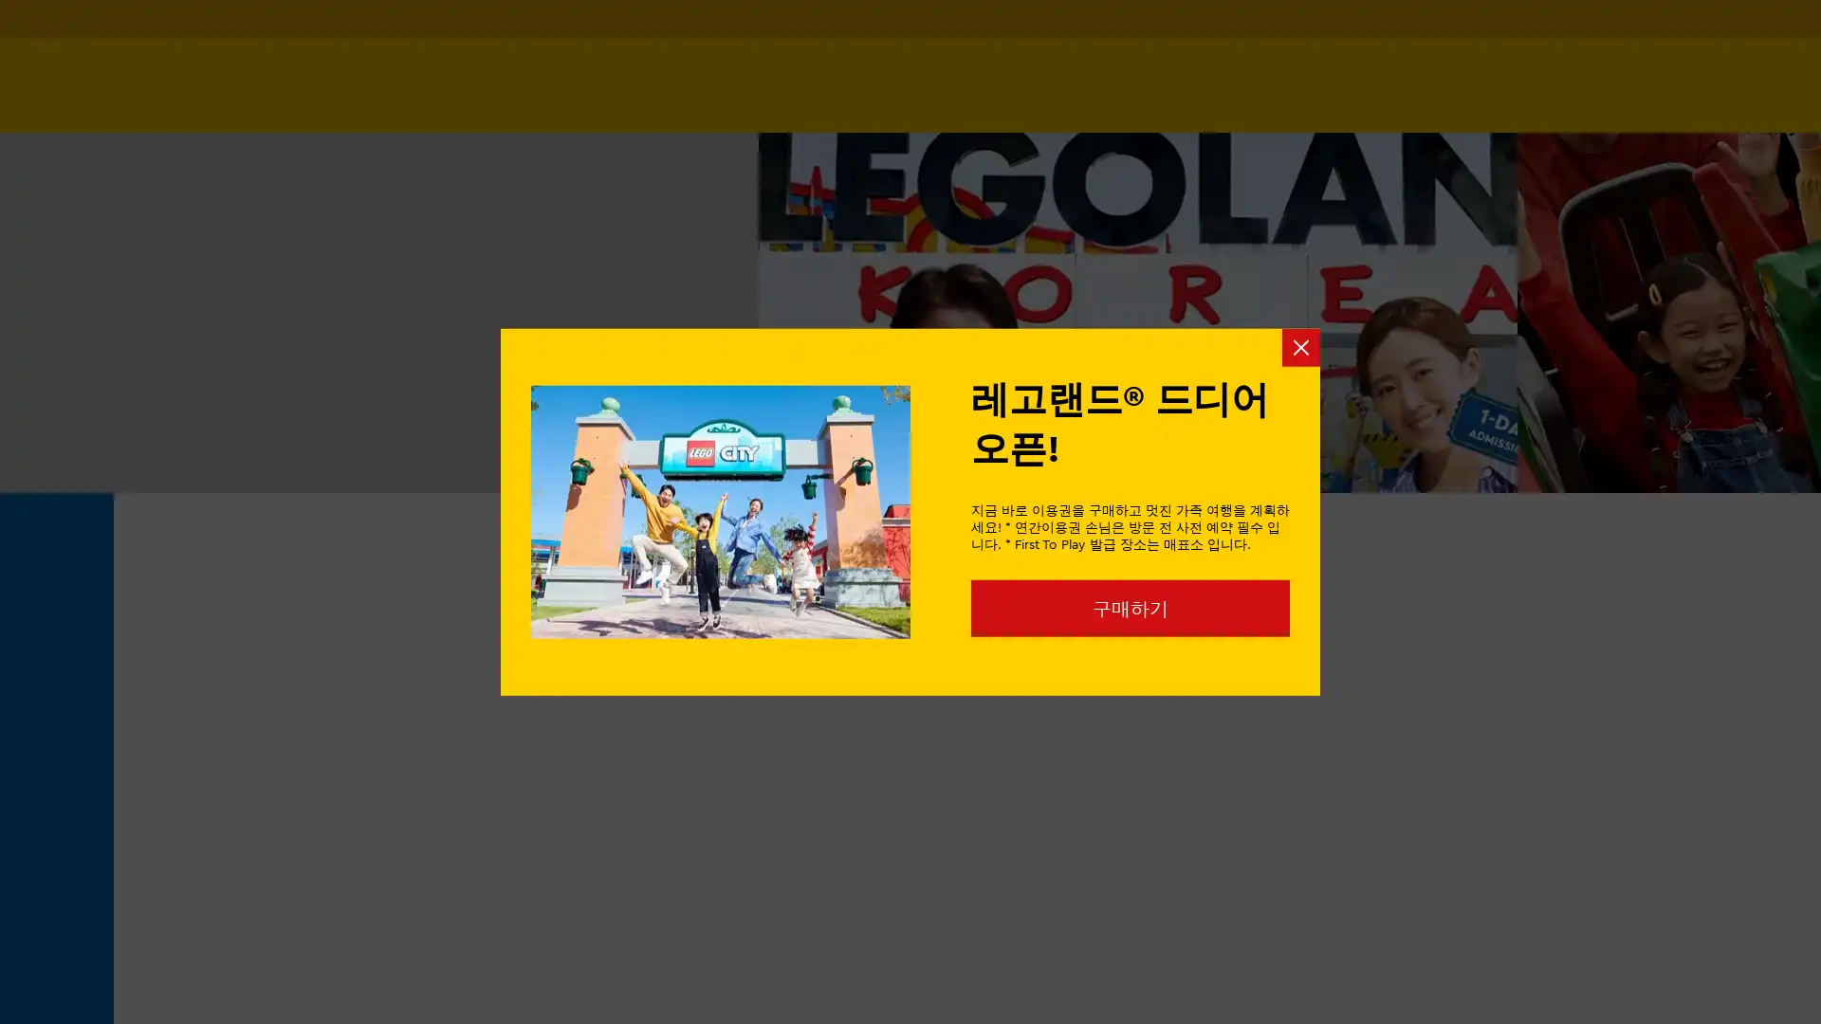  Describe the element at coordinates (945, 734) in the screenshot. I see `Go to slide 4` at that location.